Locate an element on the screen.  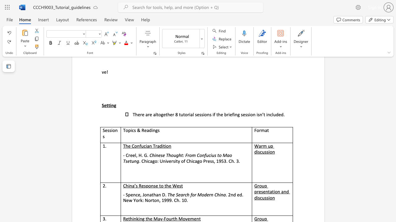
the subset text "an" within the text "- Spence, Jonathan D." is located at coordinates (156, 195).